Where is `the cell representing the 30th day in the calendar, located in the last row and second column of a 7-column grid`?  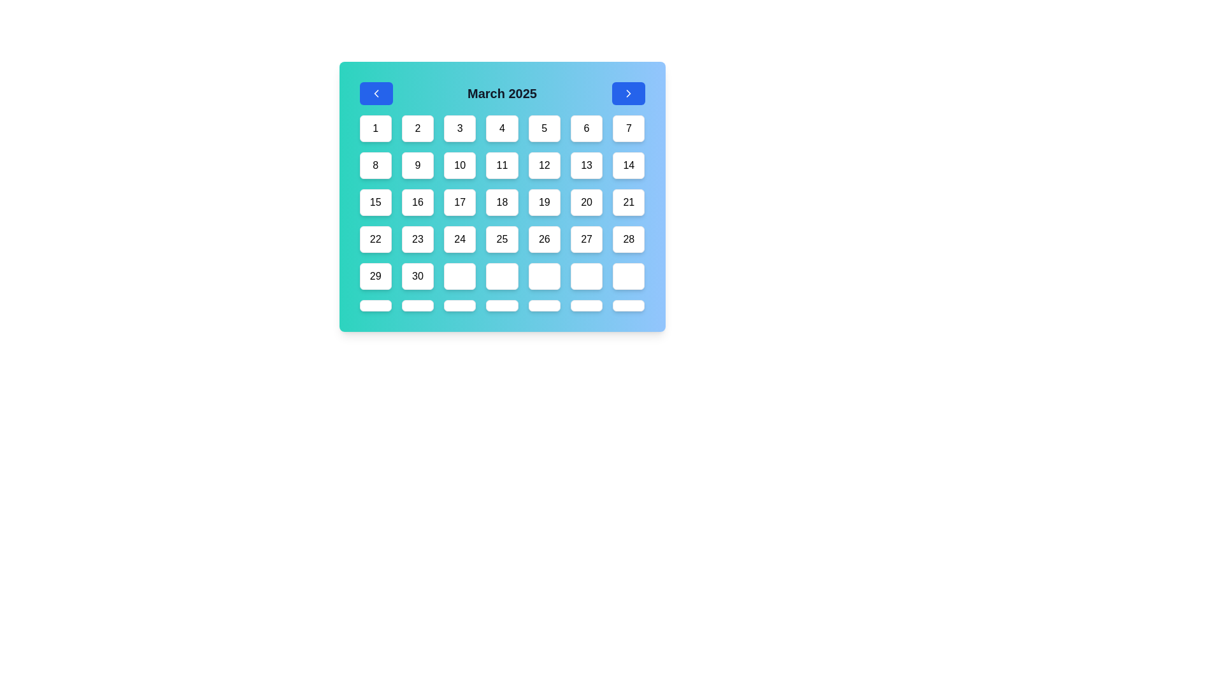
the cell representing the 30th day in the calendar, located in the last row and second column of a 7-column grid is located at coordinates (417, 276).